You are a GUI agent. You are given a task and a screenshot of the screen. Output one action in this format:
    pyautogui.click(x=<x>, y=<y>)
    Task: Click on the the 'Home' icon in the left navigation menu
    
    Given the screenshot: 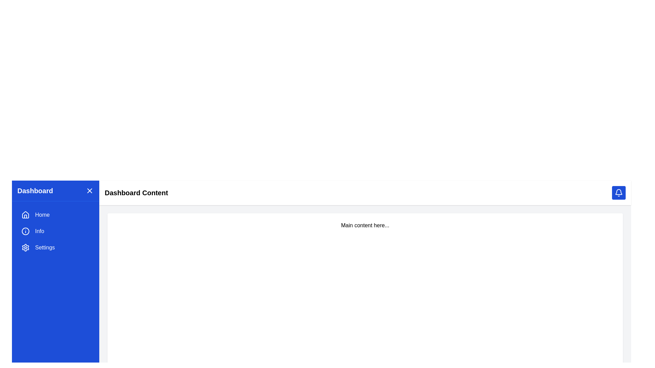 What is the action you would take?
    pyautogui.click(x=26, y=215)
    